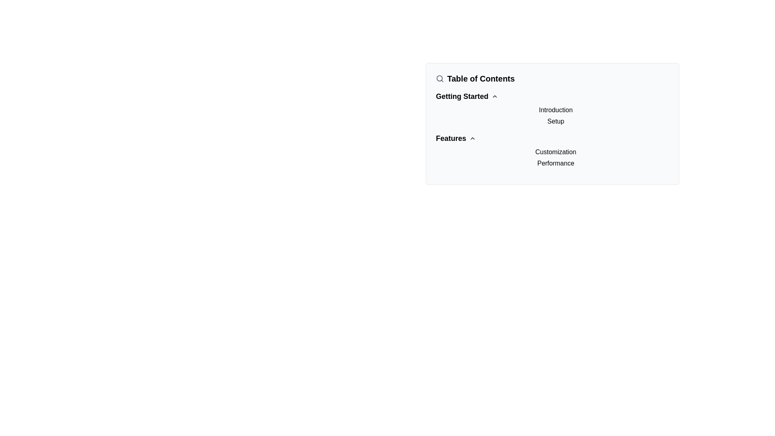 This screenshot has height=436, width=775. What do you see at coordinates (467, 96) in the screenshot?
I see `the 'Getting Started' collapsible header link` at bounding box center [467, 96].